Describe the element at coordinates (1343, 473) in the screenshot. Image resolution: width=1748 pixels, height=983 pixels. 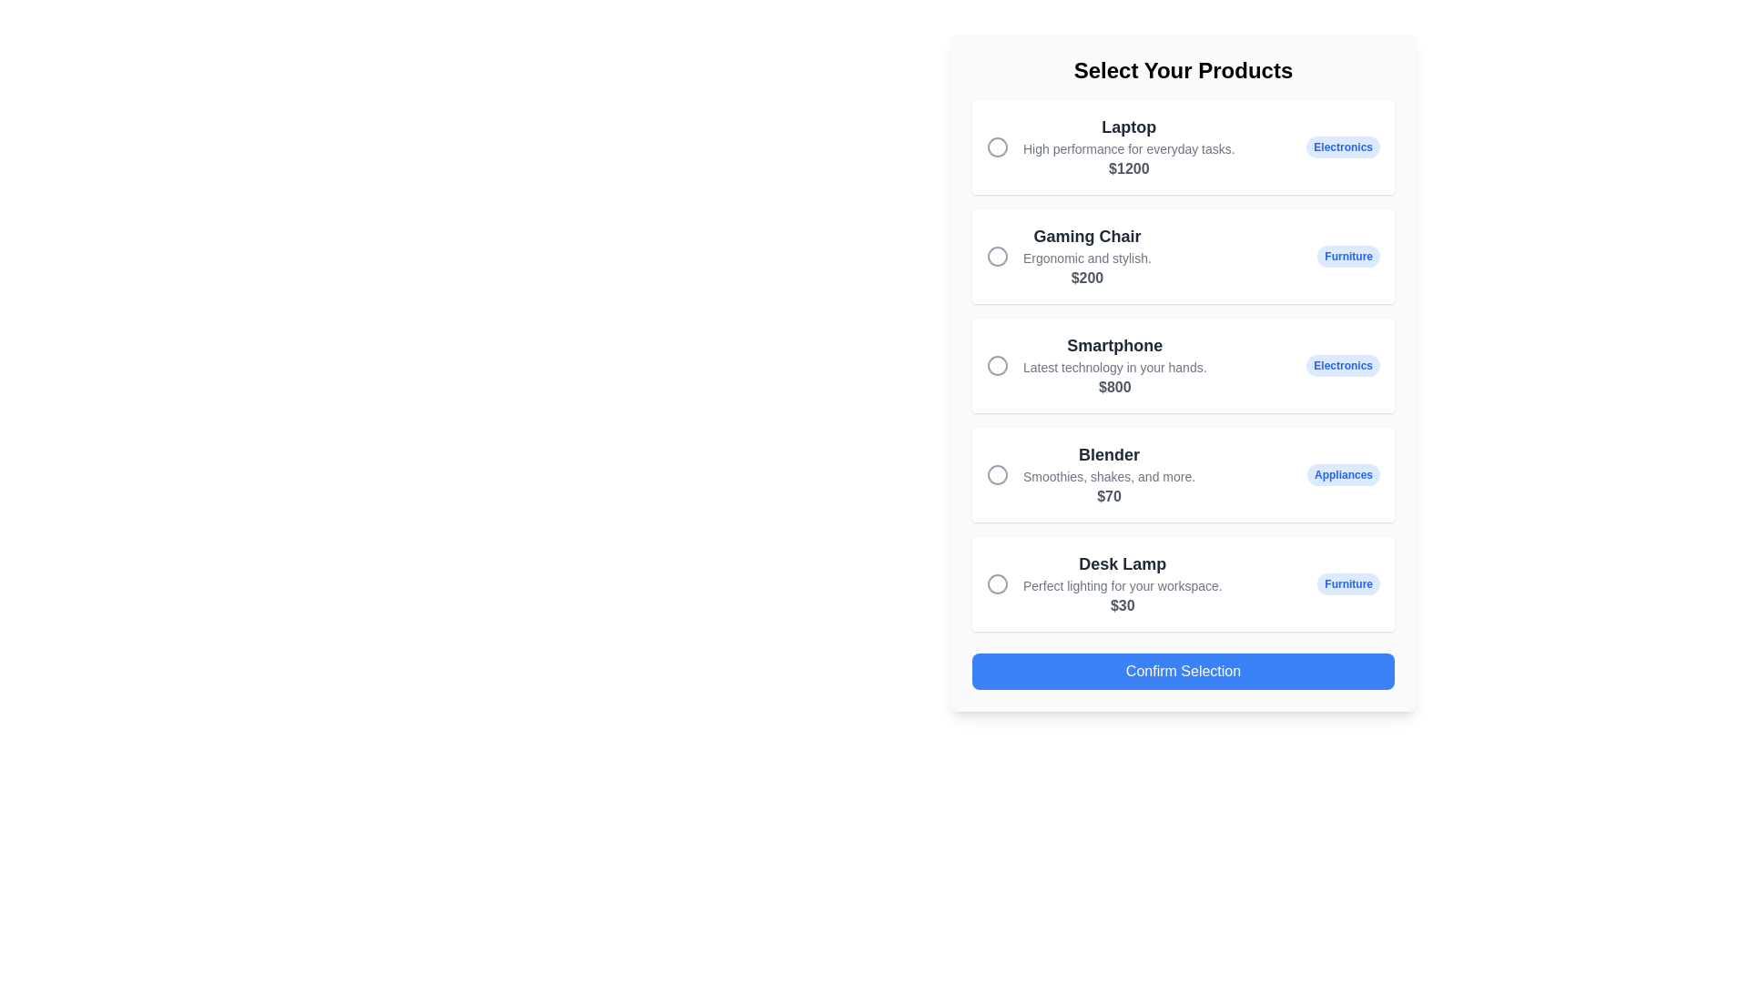
I see `the category label for the product 'Blender' located in the fourth item on the list, aligned with its price label` at that location.